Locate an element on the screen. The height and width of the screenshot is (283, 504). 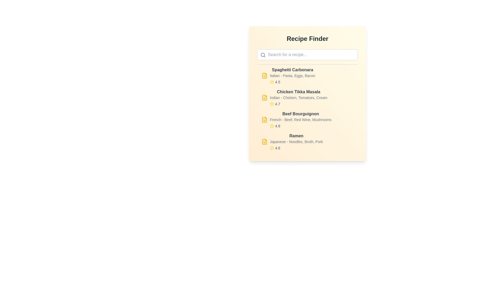
the file icon that resembles a document, located to the left of the 'Ramen' recipe in the list of recipes is located at coordinates (265, 141).